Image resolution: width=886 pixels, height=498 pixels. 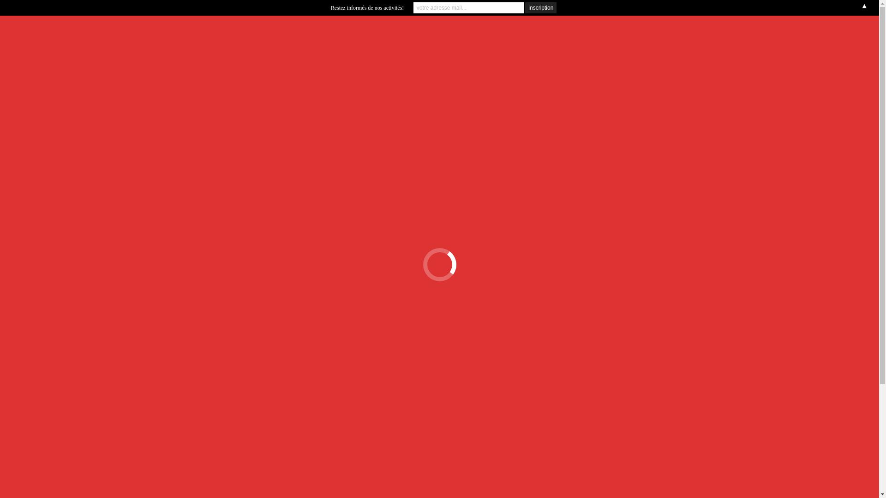 What do you see at coordinates (540, 7) in the screenshot?
I see `'inscription'` at bounding box center [540, 7].